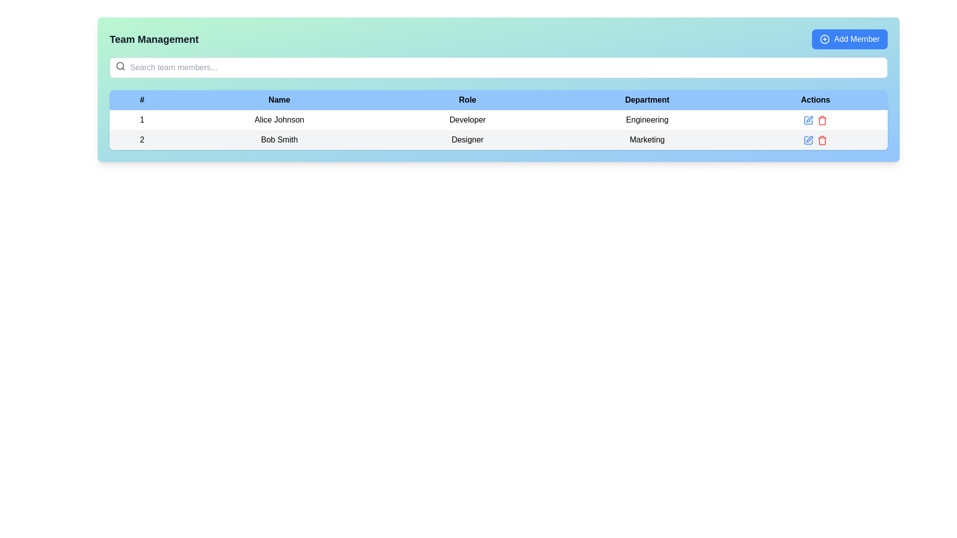  Describe the element at coordinates (825, 38) in the screenshot. I see `the 'Add Member' icon located on the left side of the text label within the button in the top-right corner of the interface` at that location.